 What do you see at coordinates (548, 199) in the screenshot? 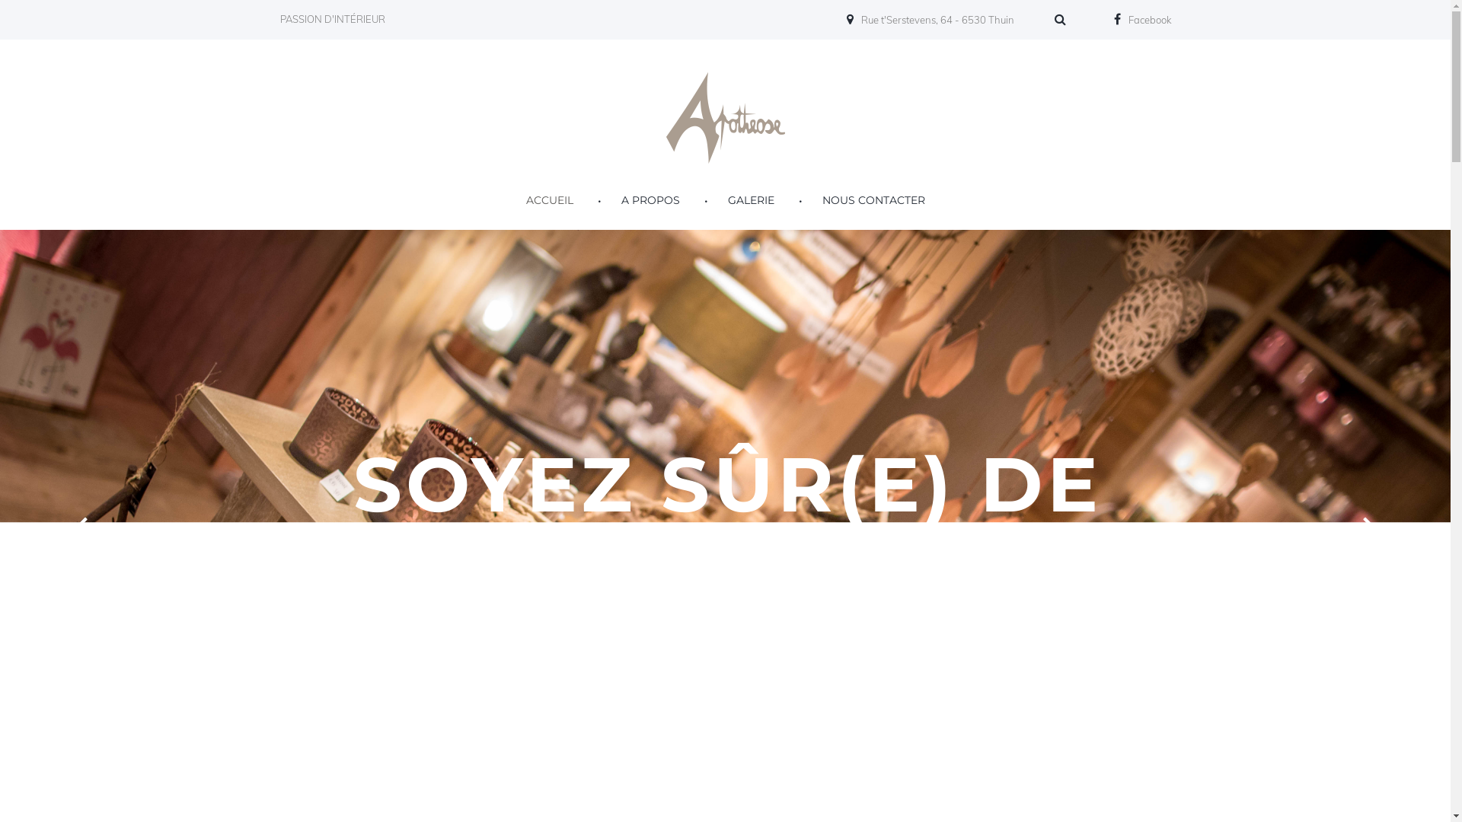
I see `'ACCUEIL'` at bounding box center [548, 199].